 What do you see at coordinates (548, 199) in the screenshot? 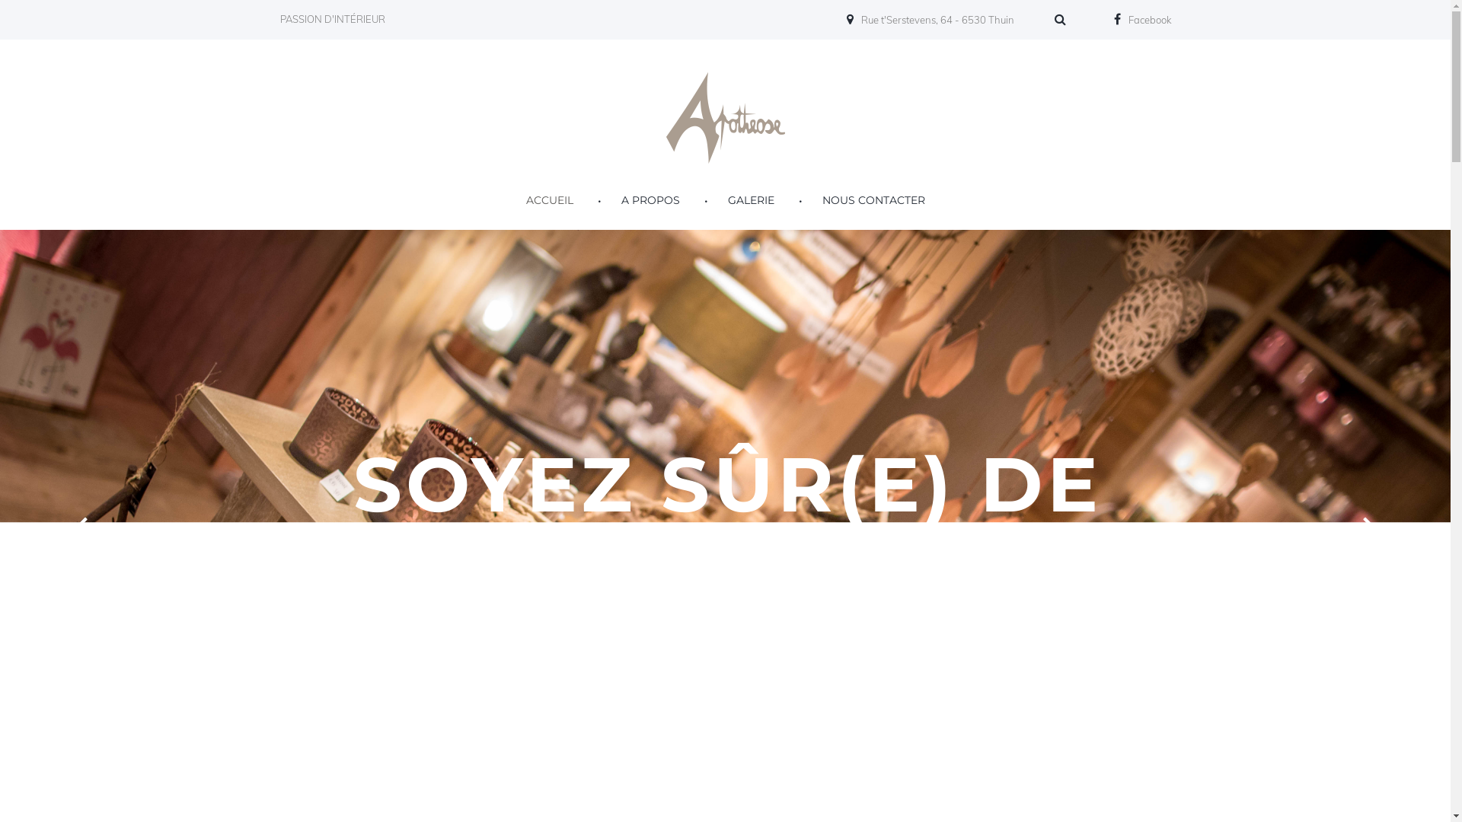
I see `'ACCUEIL'` at bounding box center [548, 199].